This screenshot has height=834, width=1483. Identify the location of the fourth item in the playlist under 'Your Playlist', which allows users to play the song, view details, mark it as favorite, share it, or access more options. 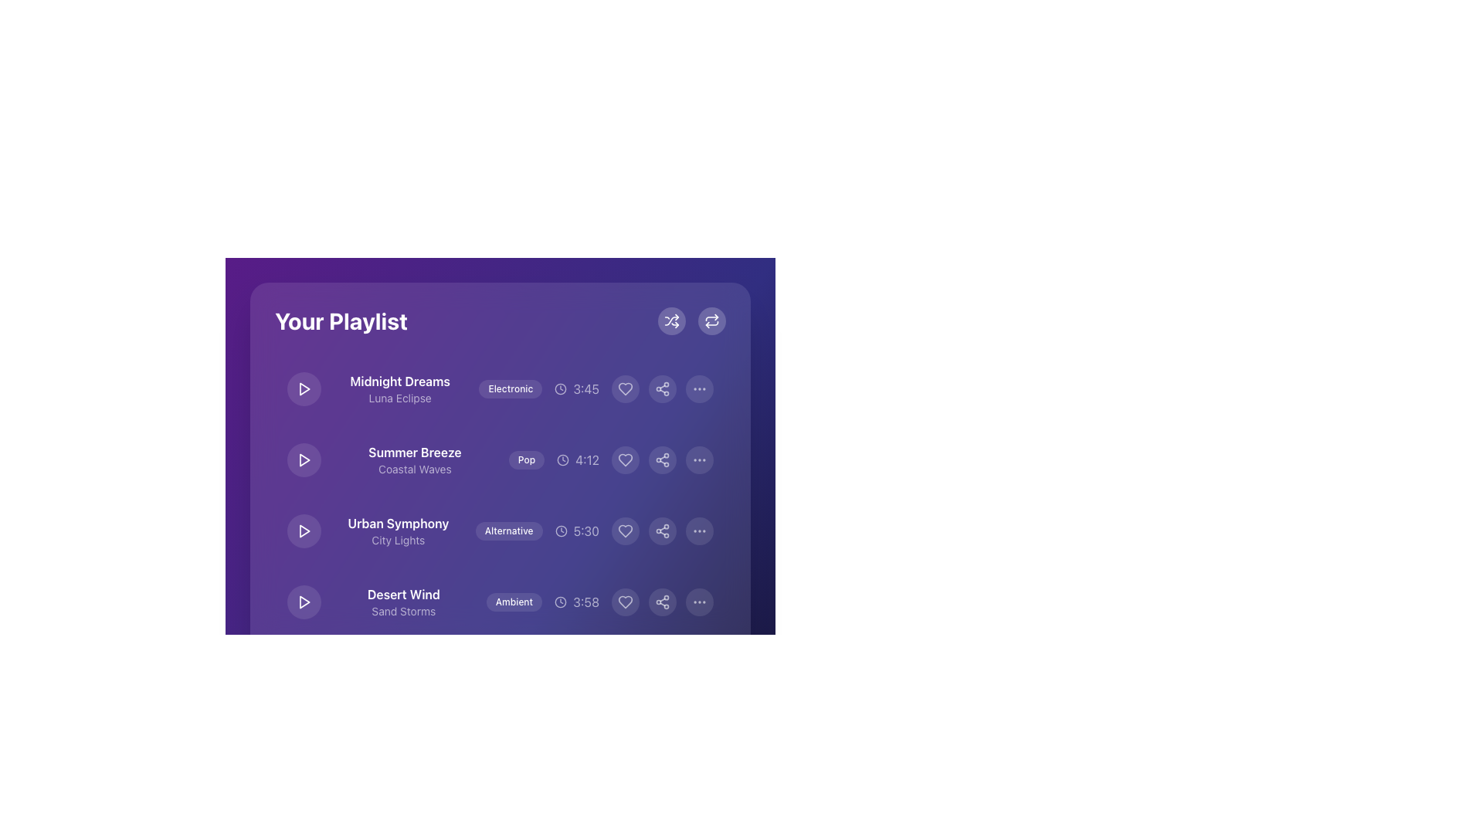
(501, 601).